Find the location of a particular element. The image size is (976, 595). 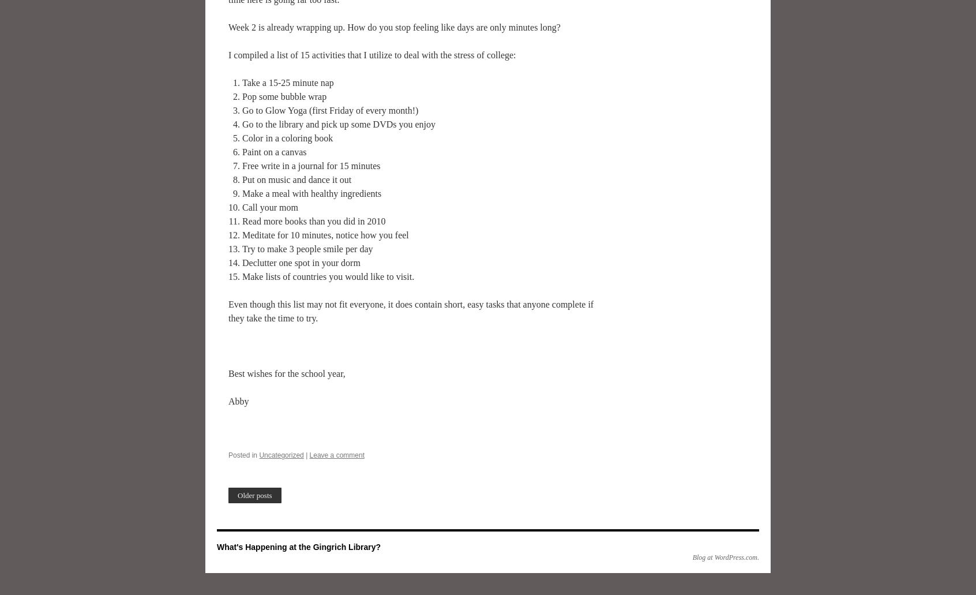

'Meditate for 10 minutes, notice how you feel' is located at coordinates (325, 234).